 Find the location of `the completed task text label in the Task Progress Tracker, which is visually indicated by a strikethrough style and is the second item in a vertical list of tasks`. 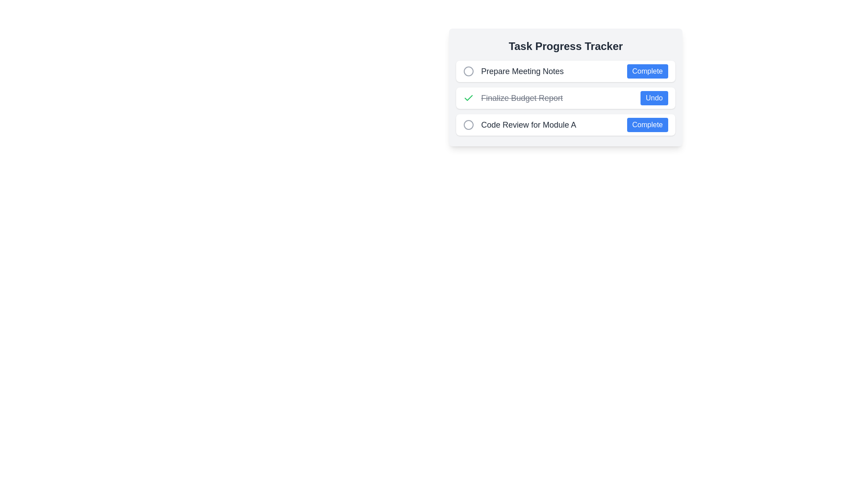

the completed task text label in the Task Progress Tracker, which is visually indicated by a strikethrough style and is the second item in a vertical list of tasks is located at coordinates (522, 98).